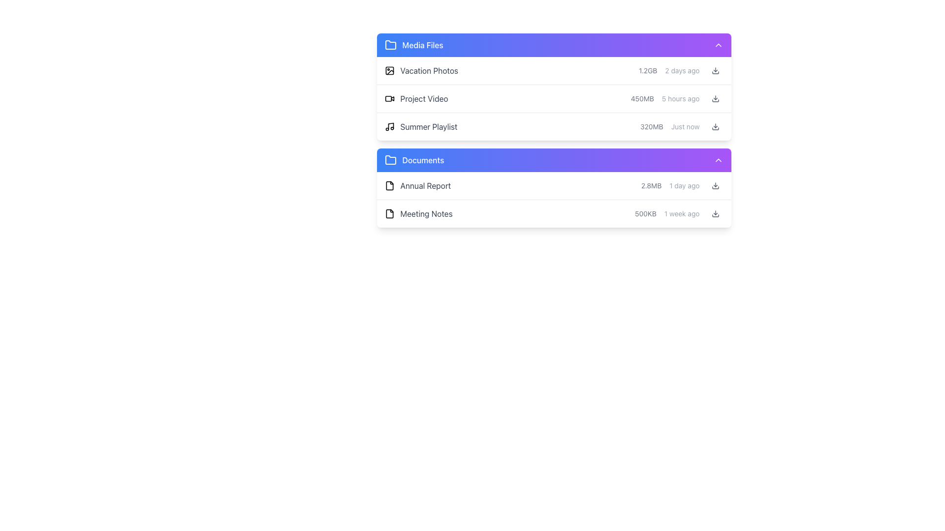 The height and width of the screenshot is (531, 945). Describe the element at coordinates (642, 98) in the screenshot. I see `the Text label that displays the size of the file associated with 'Project Video', located in the second row of the 'Media Files' section, to the right of 'Project Video' and before the timestamp '5 hours ago'` at that location.